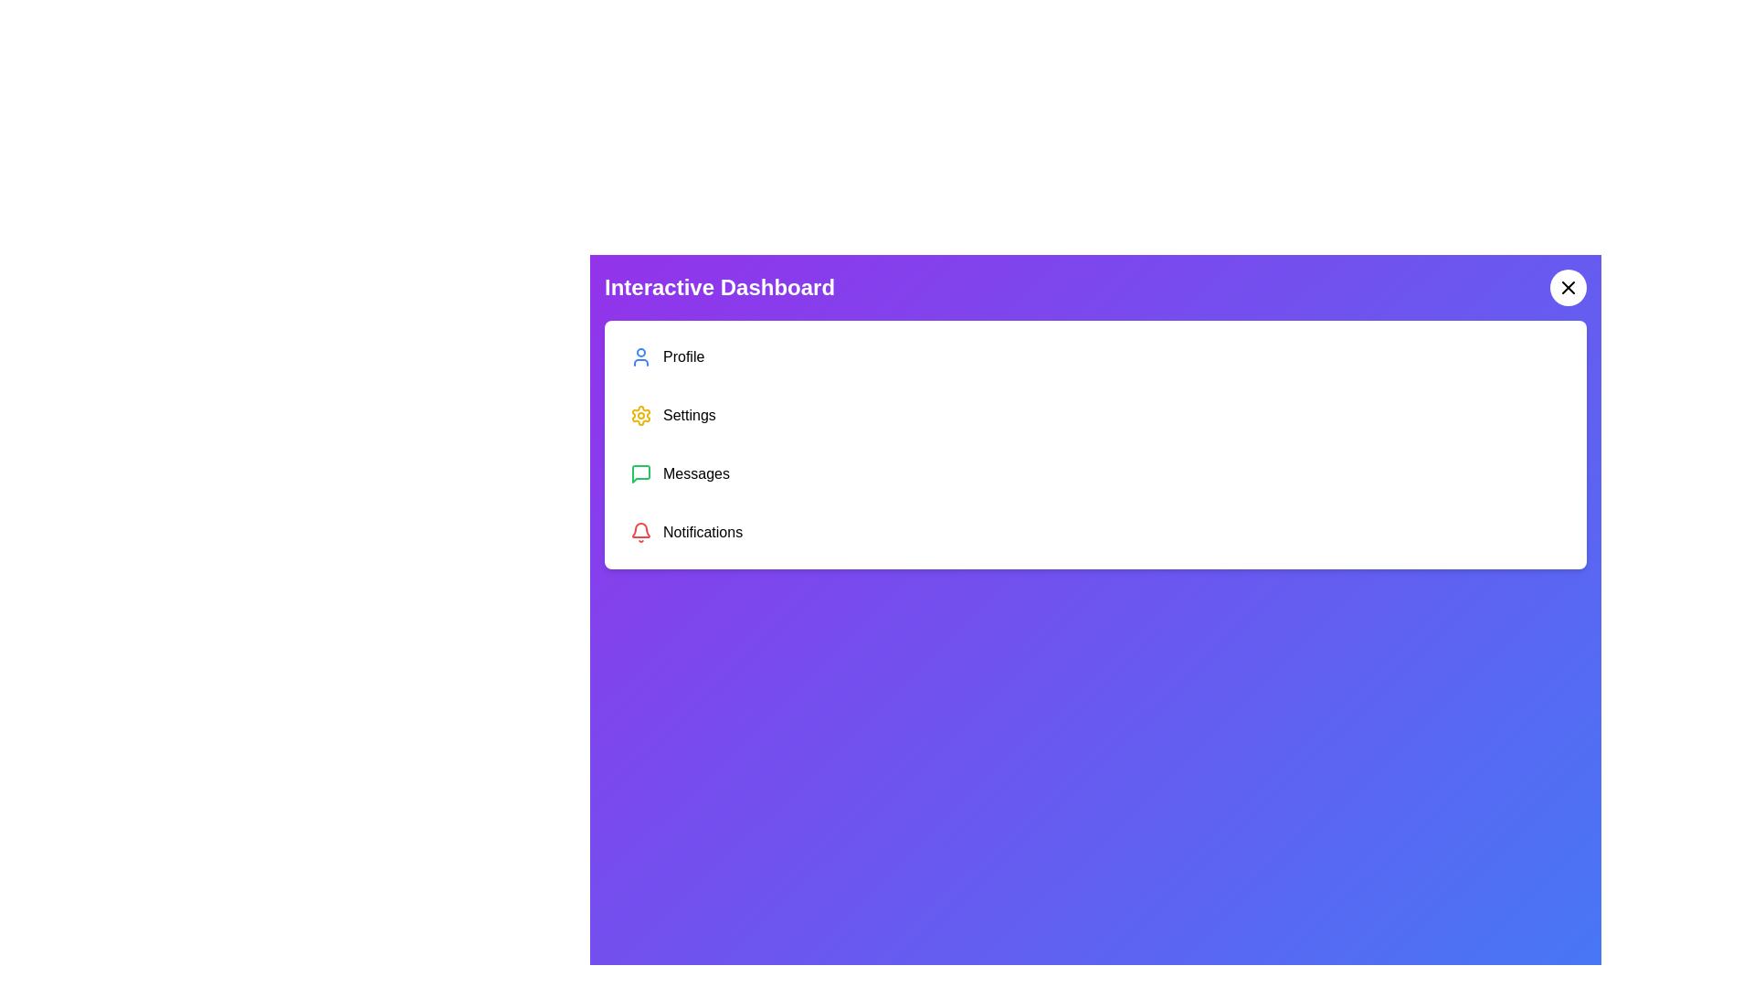 The height and width of the screenshot is (987, 1754). I want to click on the 'Settings' icon, which is the second item in a vertical list, so click(640, 416).